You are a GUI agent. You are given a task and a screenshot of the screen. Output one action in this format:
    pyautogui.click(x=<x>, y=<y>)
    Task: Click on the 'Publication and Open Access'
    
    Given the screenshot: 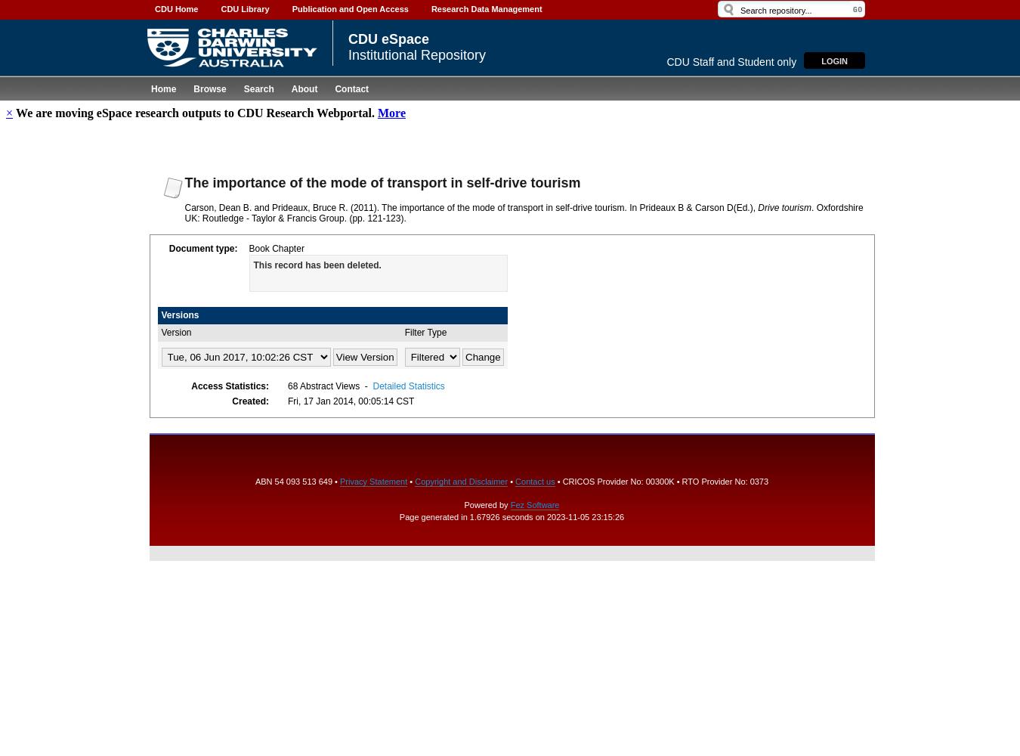 What is the action you would take?
    pyautogui.click(x=349, y=8)
    